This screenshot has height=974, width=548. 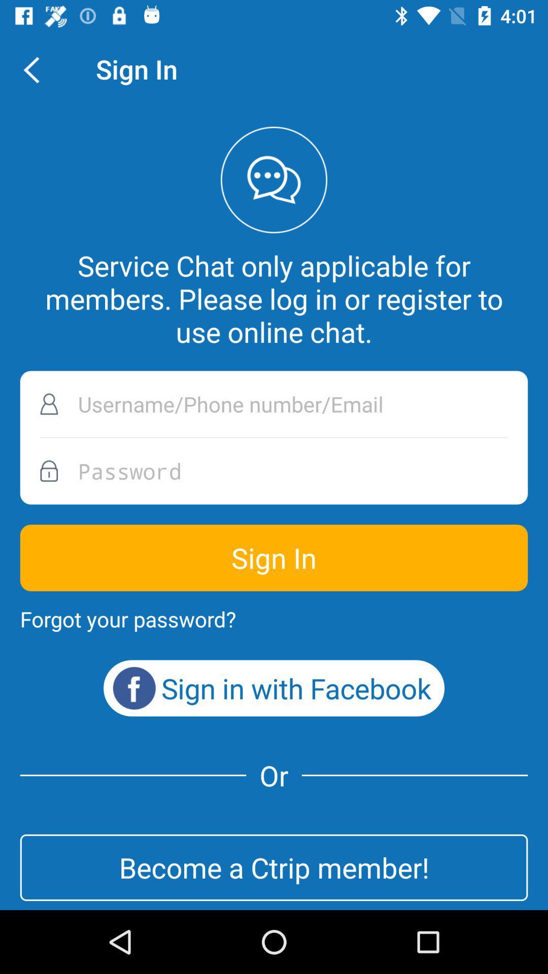 What do you see at coordinates (274, 403) in the screenshot?
I see `username` at bounding box center [274, 403].